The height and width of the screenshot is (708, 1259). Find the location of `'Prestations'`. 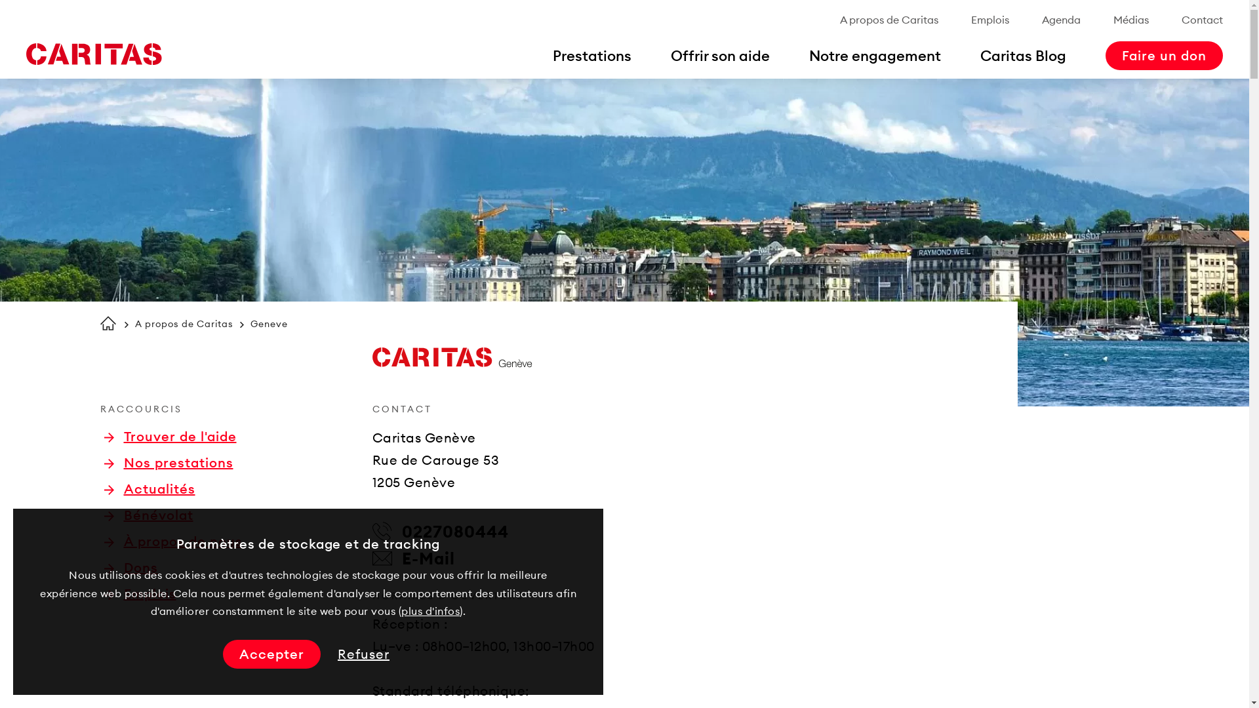

'Prestations' is located at coordinates (591, 54).